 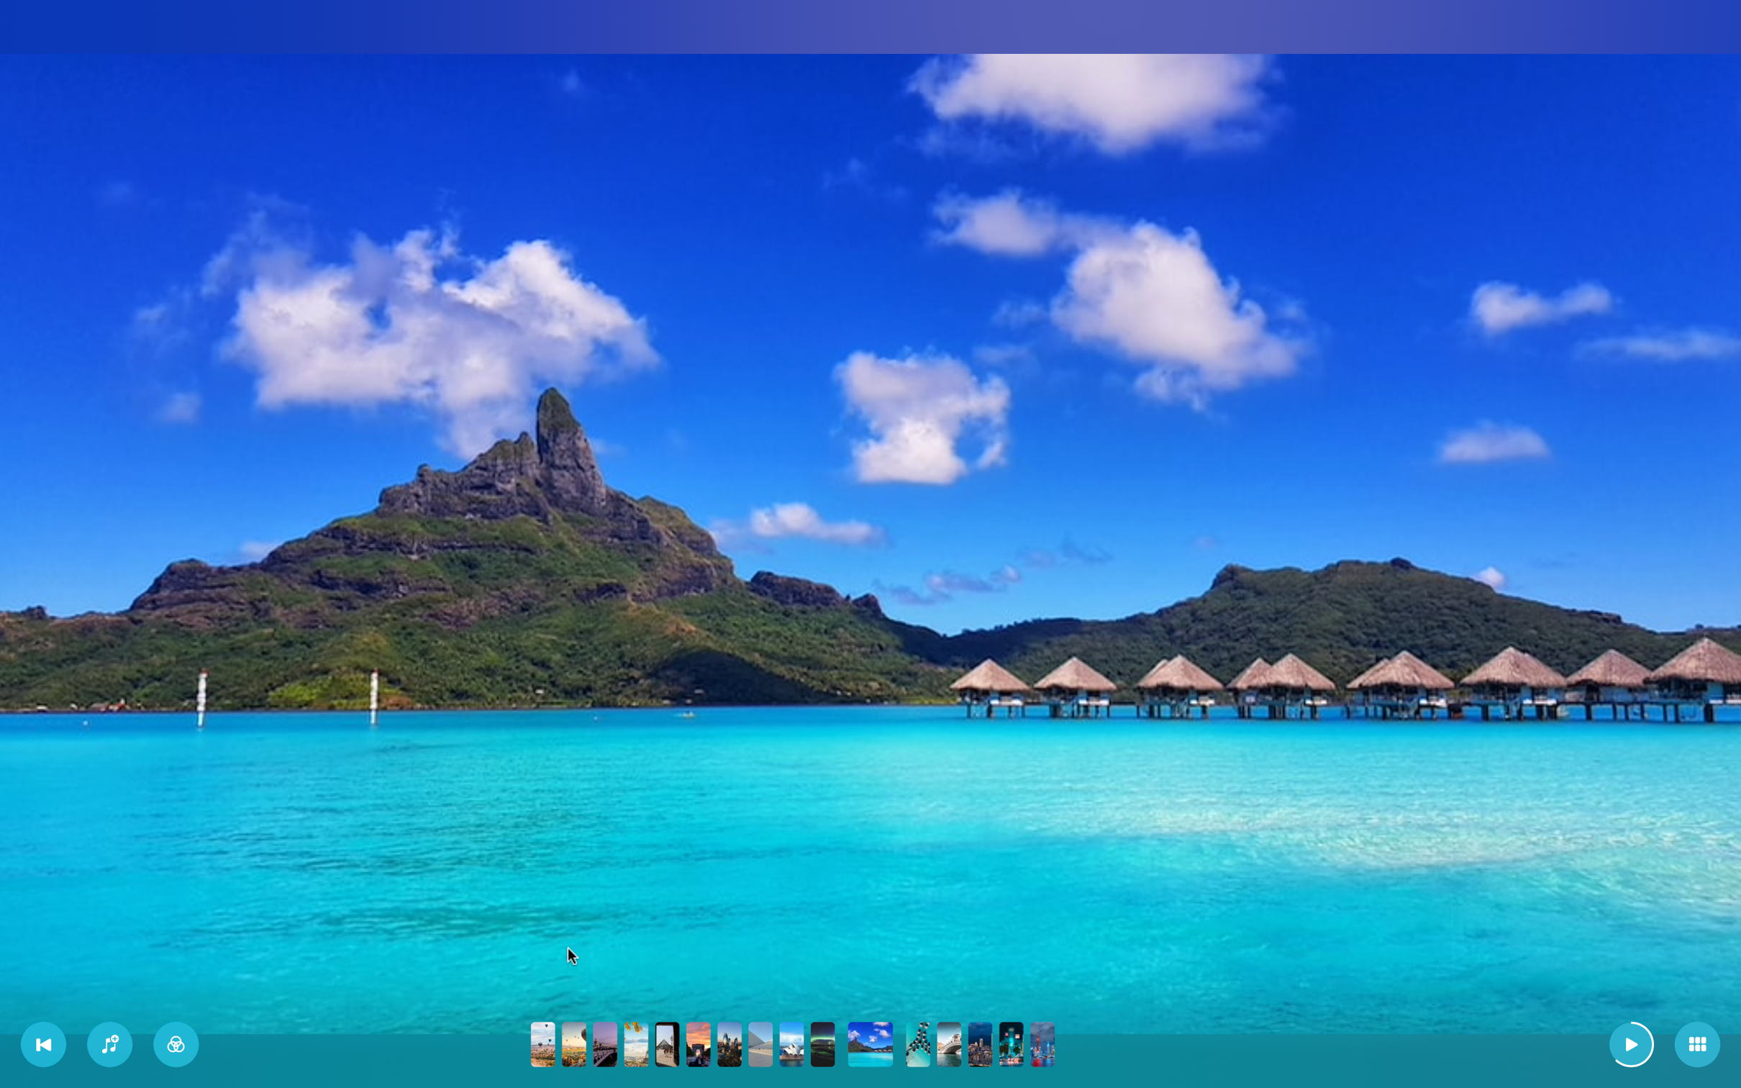 What do you see at coordinates (1042, 1045) in the screenshot?
I see `the final image in the slideshow` at bounding box center [1042, 1045].